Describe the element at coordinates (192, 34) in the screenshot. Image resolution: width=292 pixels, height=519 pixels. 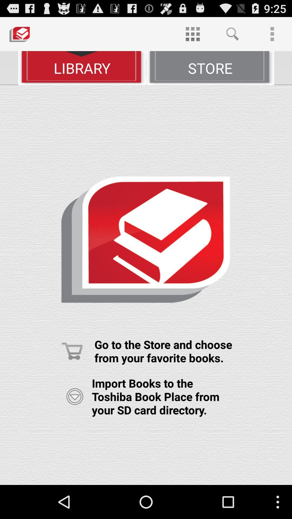
I see `the icon above store` at that location.